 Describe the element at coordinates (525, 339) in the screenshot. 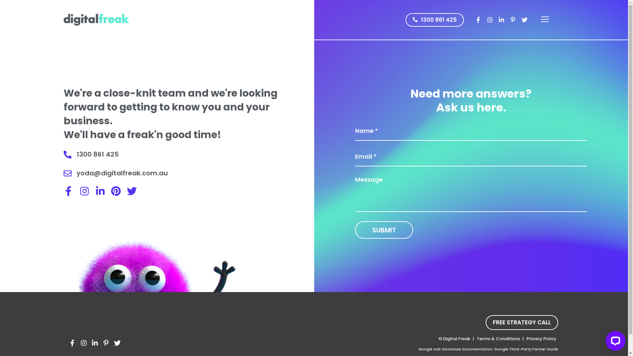

I see `'Privacy Policy'` at that location.